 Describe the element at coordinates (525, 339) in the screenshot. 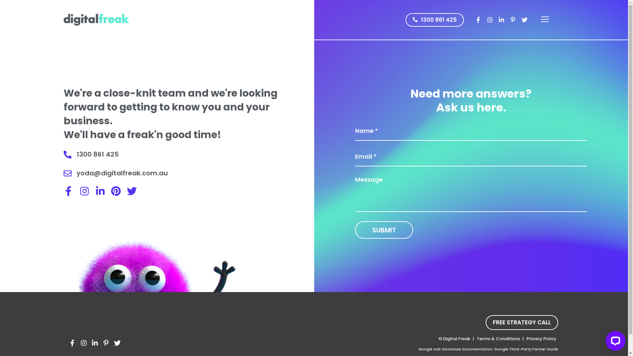

I see `'Privacy Policy'` at that location.